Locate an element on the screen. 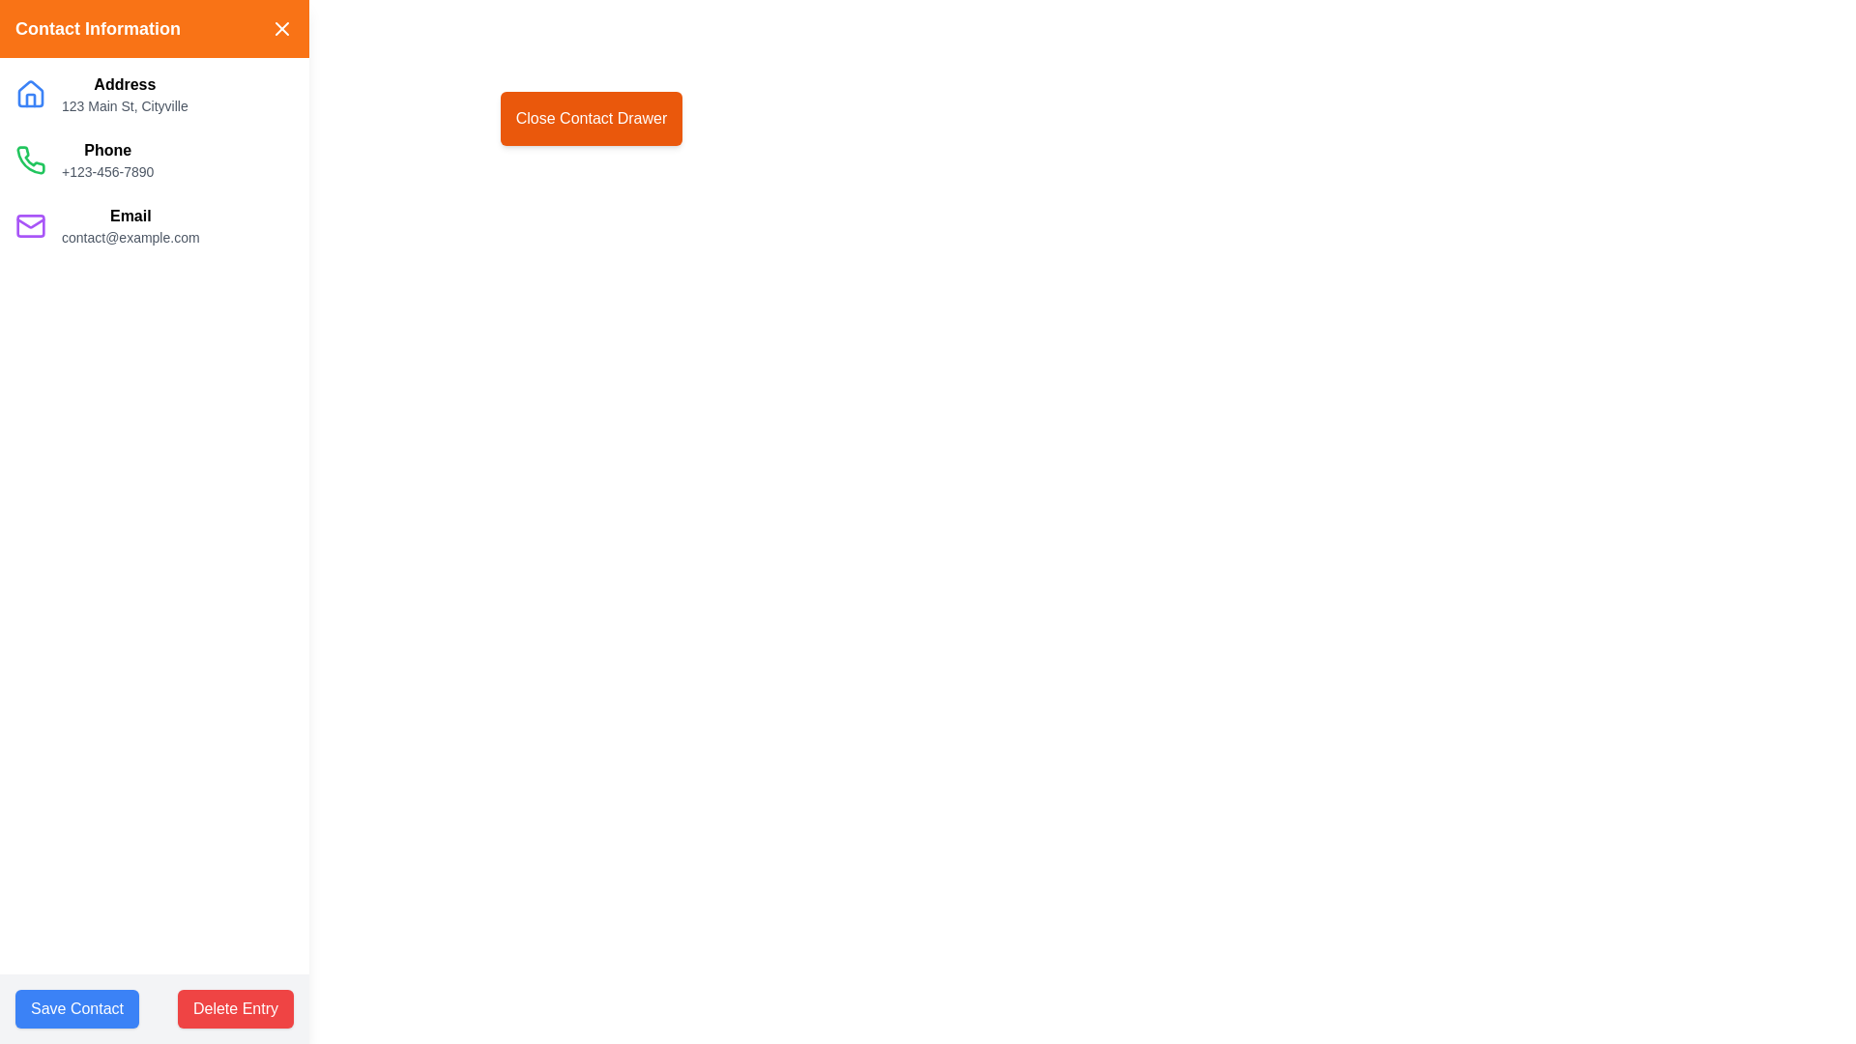 Image resolution: width=1856 pixels, height=1044 pixels. the 'Save Contact' button, which is a rectangular button with rounded corners and a blue background, to observe the visual state change is located at coordinates (77, 1008).